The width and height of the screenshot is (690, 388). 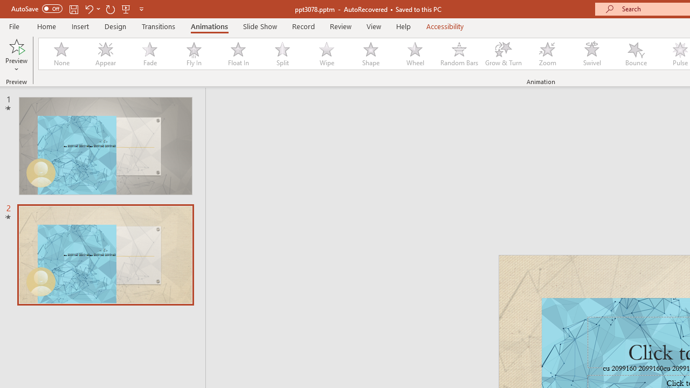 What do you see at coordinates (415, 54) in the screenshot?
I see `'Wheel'` at bounding box center [415, 54].